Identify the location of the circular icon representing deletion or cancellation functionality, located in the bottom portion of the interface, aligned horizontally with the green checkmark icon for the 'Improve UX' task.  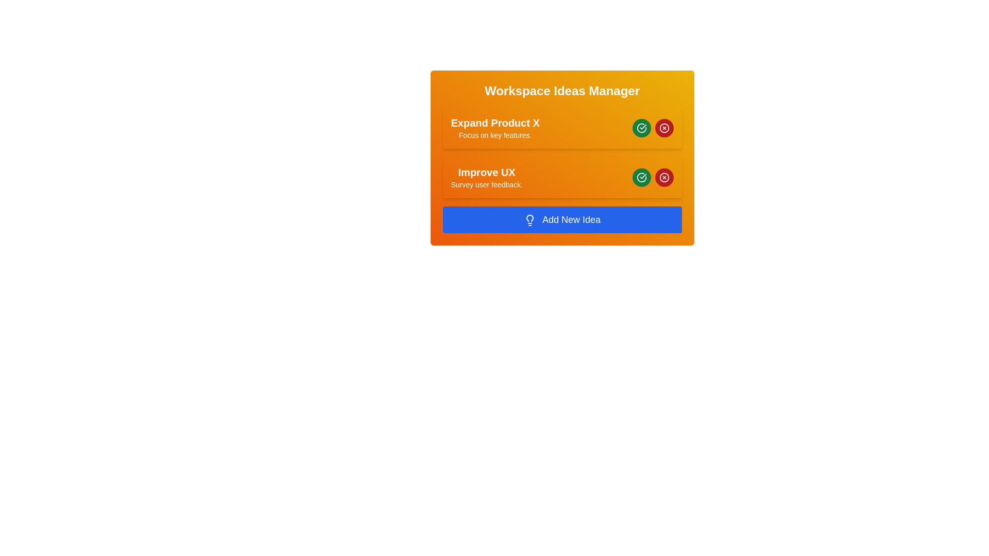
(664, 177).